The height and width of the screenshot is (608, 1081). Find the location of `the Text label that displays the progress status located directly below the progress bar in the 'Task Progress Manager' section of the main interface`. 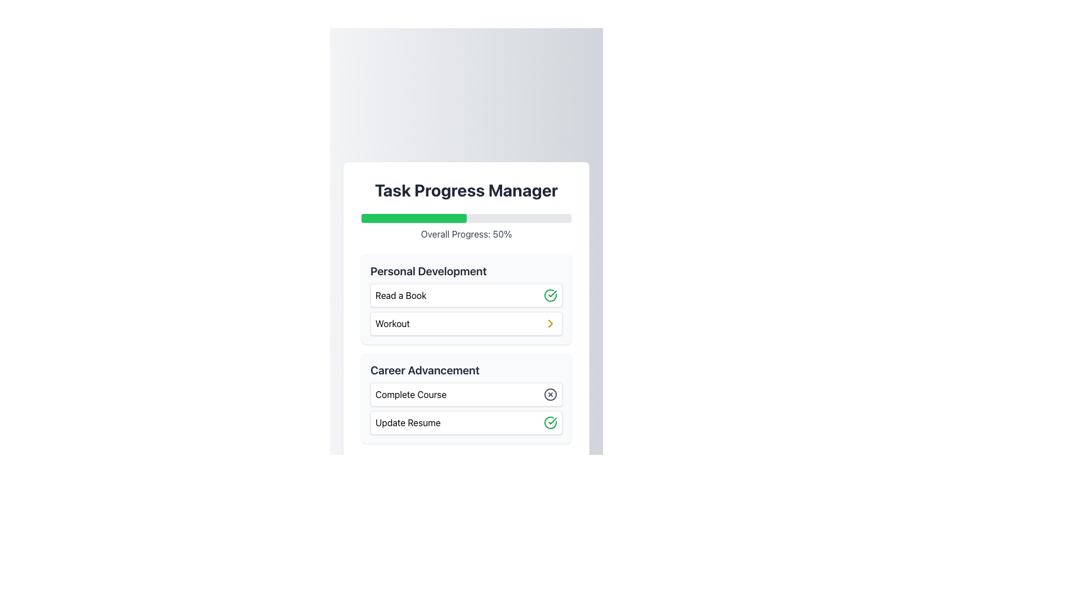

the Text label that displays the progress status located directly below the progress bar in the 'Task Progress Manager' section of the main interface is located at coordinates (466, 234).